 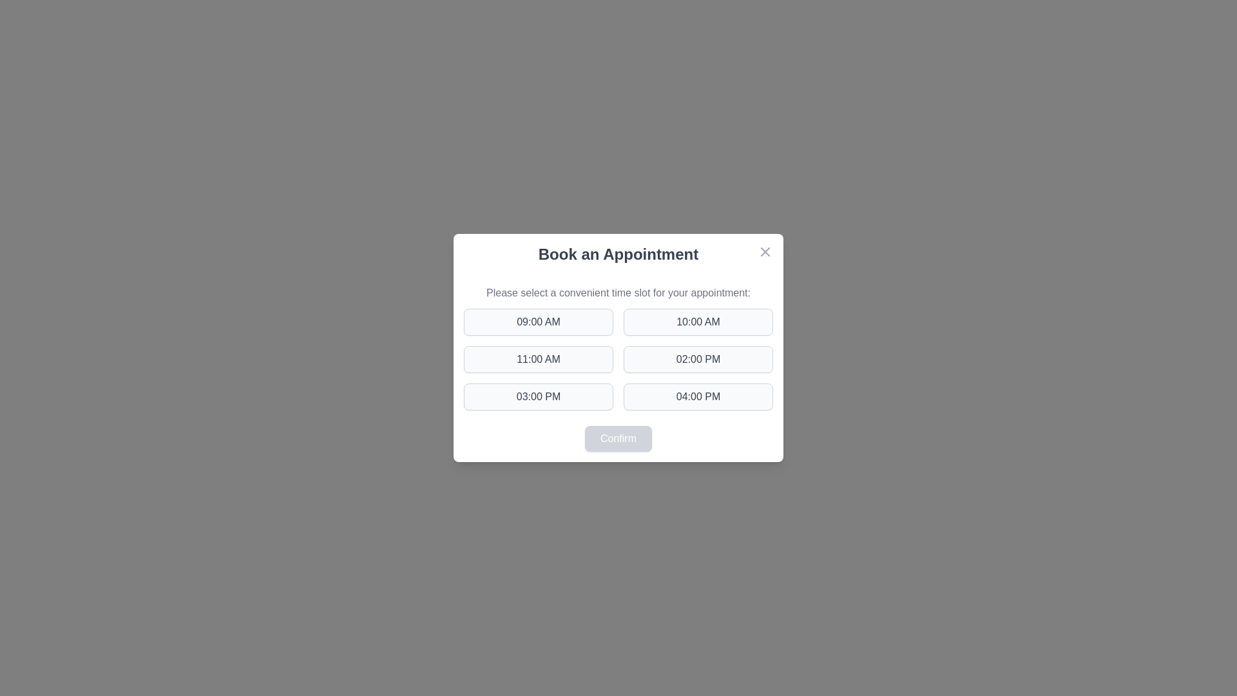 What do you see at coordinates (538, 322) in the screenshot?
I see `the time slot button labeled 09:00 AM` at bounding box center [538, 322].